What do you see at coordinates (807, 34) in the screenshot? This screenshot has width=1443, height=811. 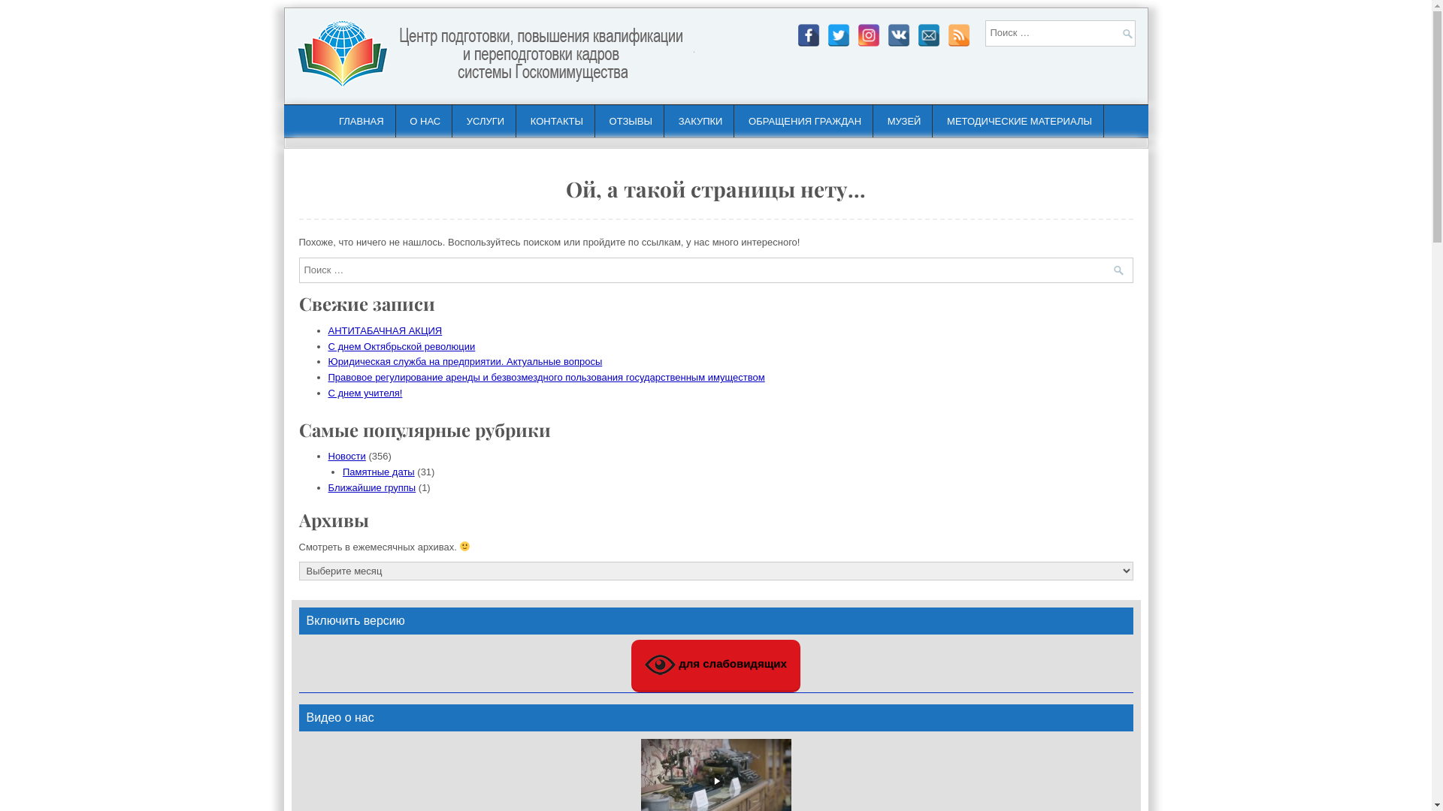 I see `'Facebook'` at bounding box center [807, 34].